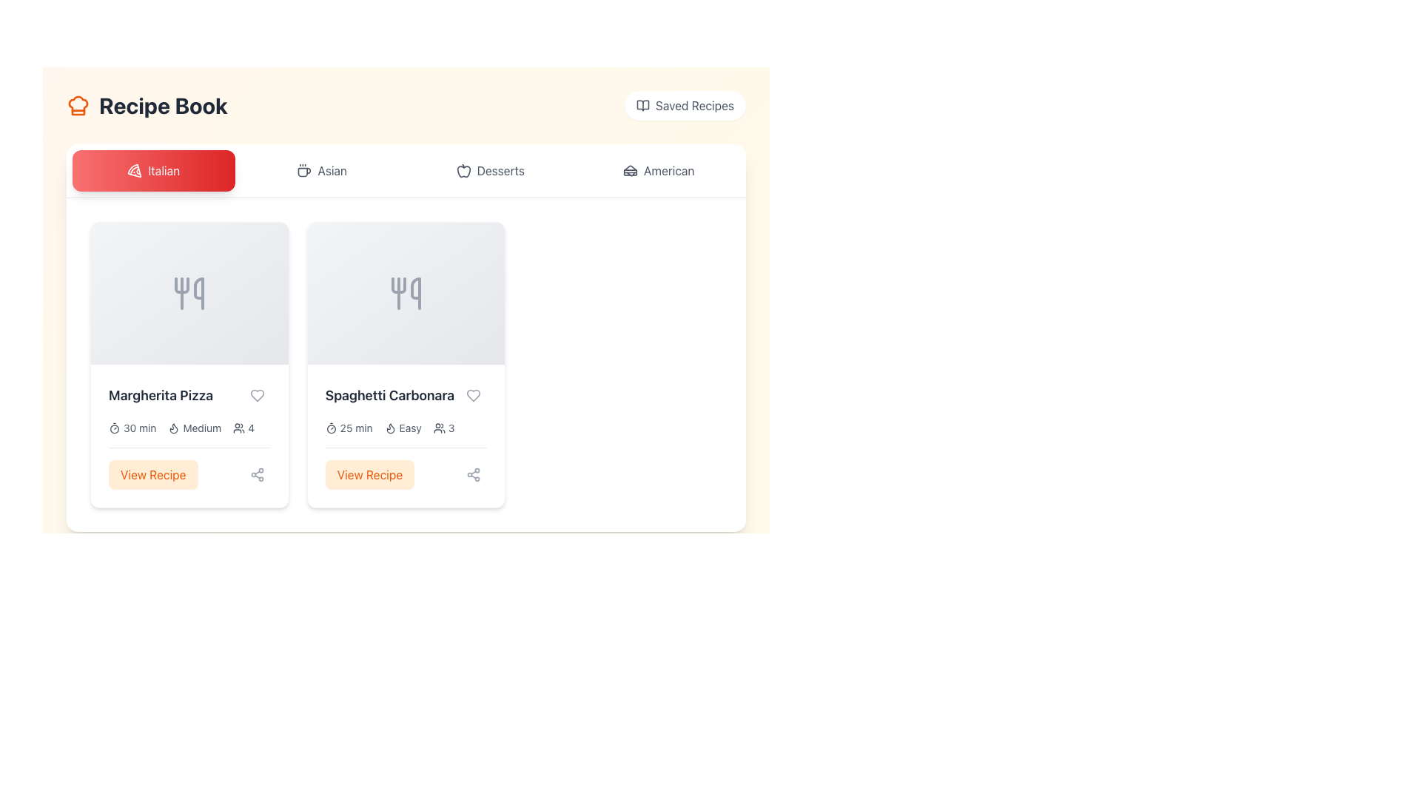 The image size is (1421, 799). What do you see at coordinates (490, 170) in the screenshot?
I see `the 'Desserts' button in the horizontal navigation bar` at bounding box center [490, 170].